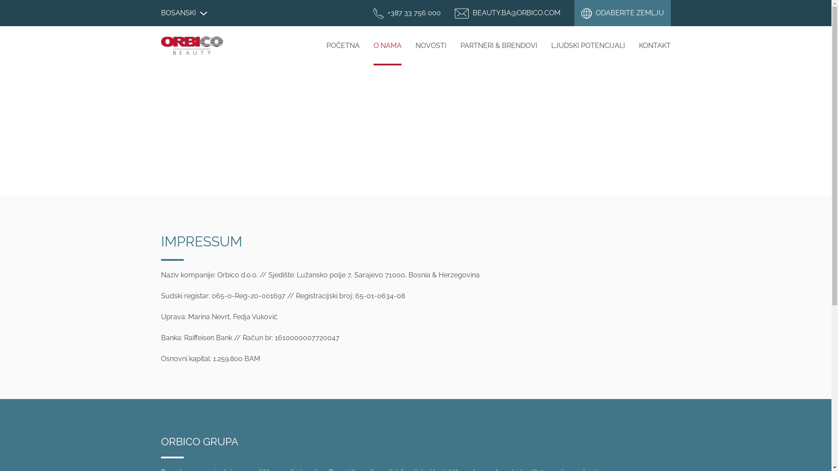  What do you see at coordinates (191, 45) in the screenshot?
I see `'Orbico Beauty - Bosna i Hercegovina'` at bounding box center [191, 45].